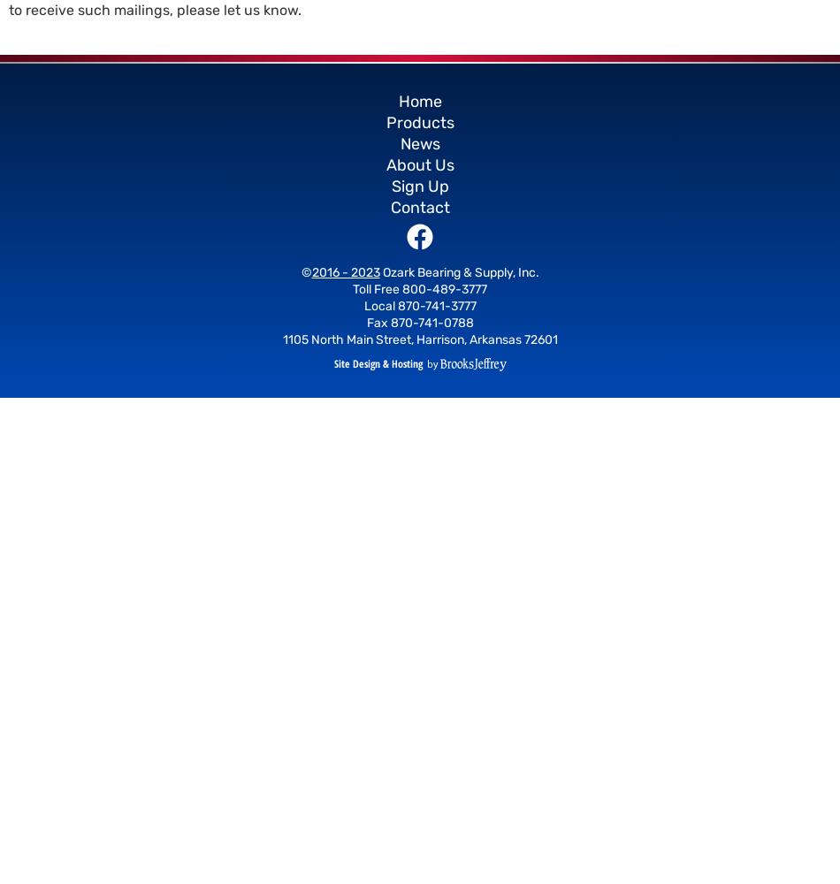 The image size is (840, 884). I want to click on 'Toll Free 800-489-3777', so click(420, 288).